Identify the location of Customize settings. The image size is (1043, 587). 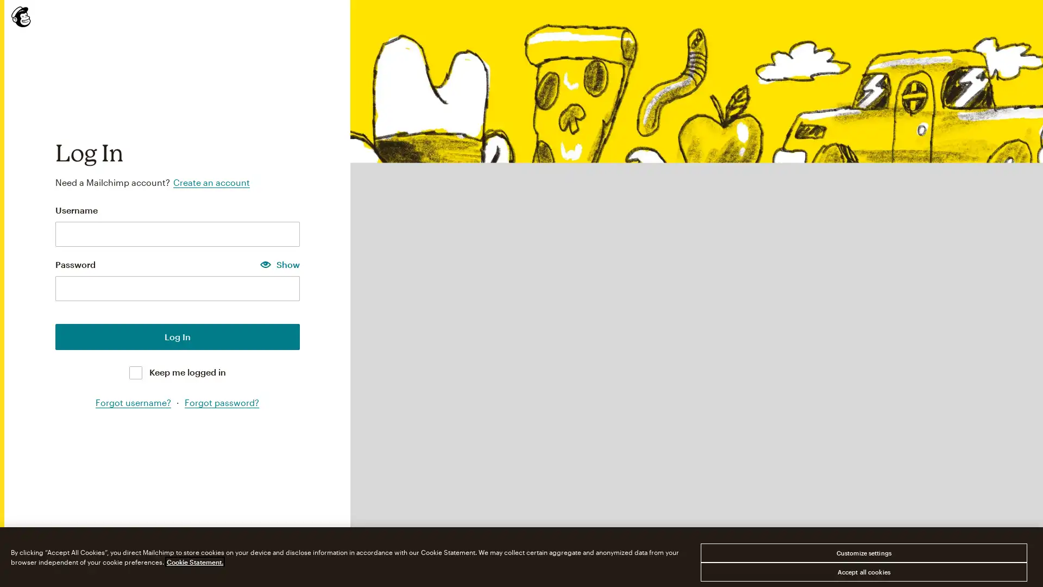
(863, 553).